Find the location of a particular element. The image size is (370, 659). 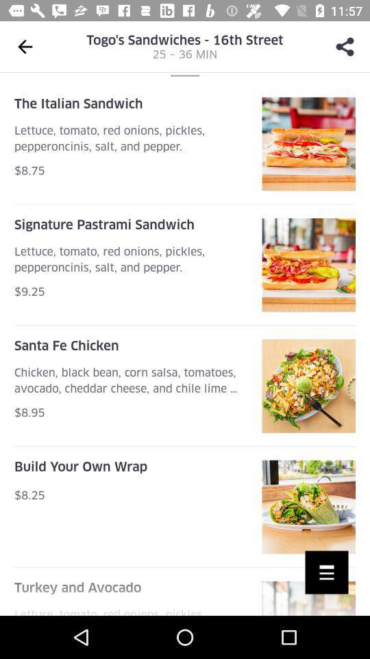

the share icon is located at coordinates (344, 47).